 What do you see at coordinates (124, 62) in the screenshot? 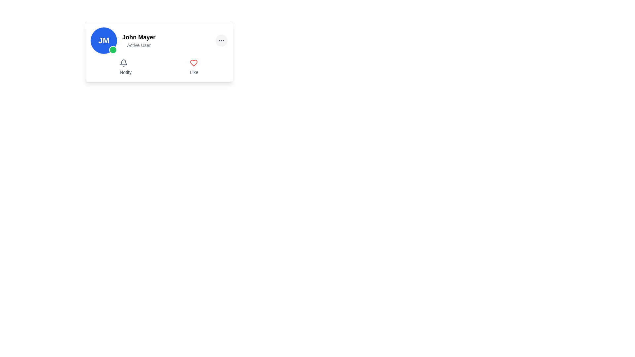
I see `the bell icon located in the top-right corner of the 'John Mayer - Active User' card interface for notification-related actions` at bounding box center [124, 62].